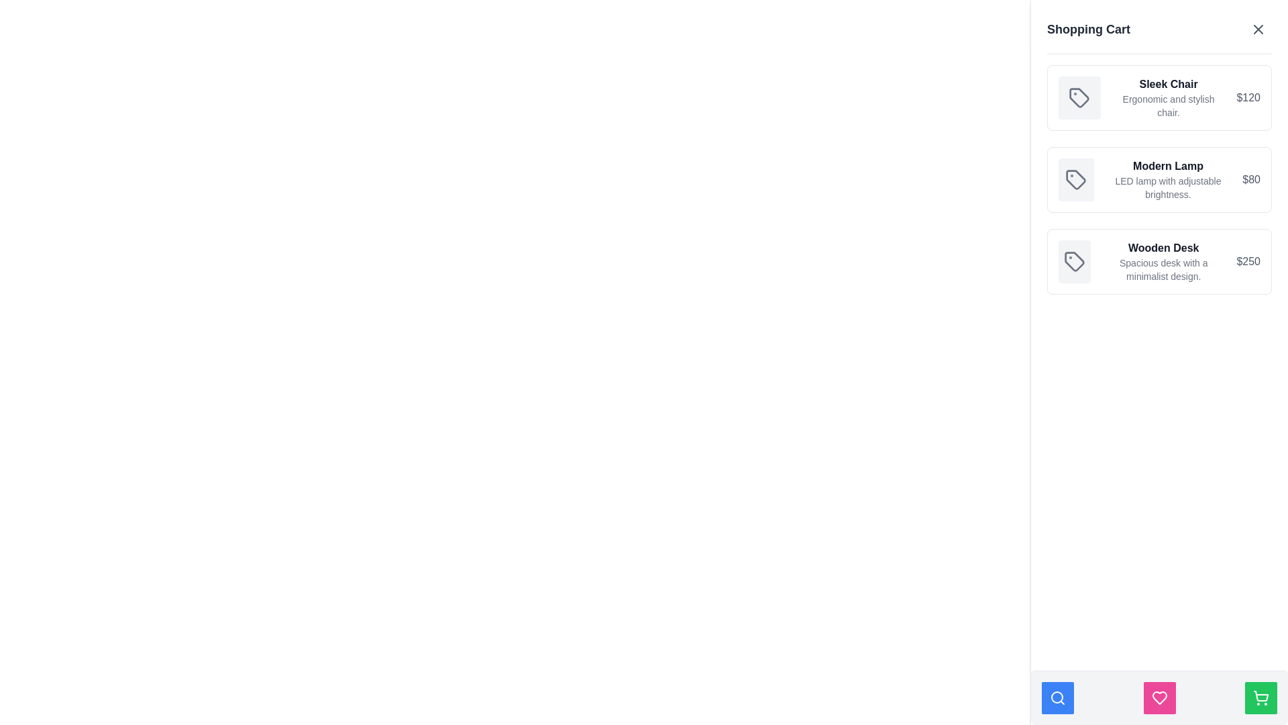 This screenshot has height=725, width=1288. What do you see at coordinates (1167, 179) in the screenshot?
I see `the label that displays the product title and description for the second item in the shopping cart interface, located between an icon on the left and the price '$80' on the right` at bounding box center [1167, 179].